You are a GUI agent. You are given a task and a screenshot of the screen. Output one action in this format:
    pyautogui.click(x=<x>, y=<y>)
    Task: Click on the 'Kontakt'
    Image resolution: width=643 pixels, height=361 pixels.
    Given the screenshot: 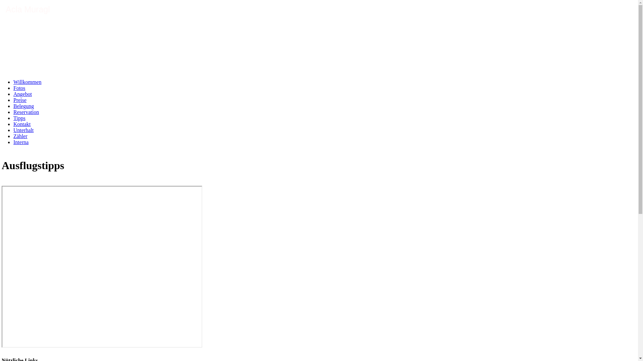 What is the action you would take?
    pyautogui.click(x=13, y=124)
    